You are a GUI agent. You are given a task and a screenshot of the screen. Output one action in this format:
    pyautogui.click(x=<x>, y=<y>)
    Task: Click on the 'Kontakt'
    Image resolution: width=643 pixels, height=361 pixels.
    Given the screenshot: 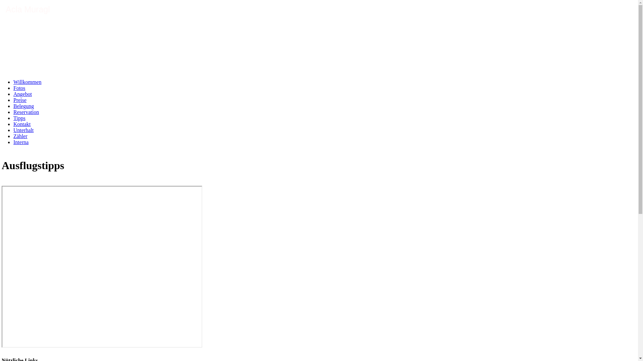 What is the action you would take?
    pyautogui.click(x=13, y=124)
    